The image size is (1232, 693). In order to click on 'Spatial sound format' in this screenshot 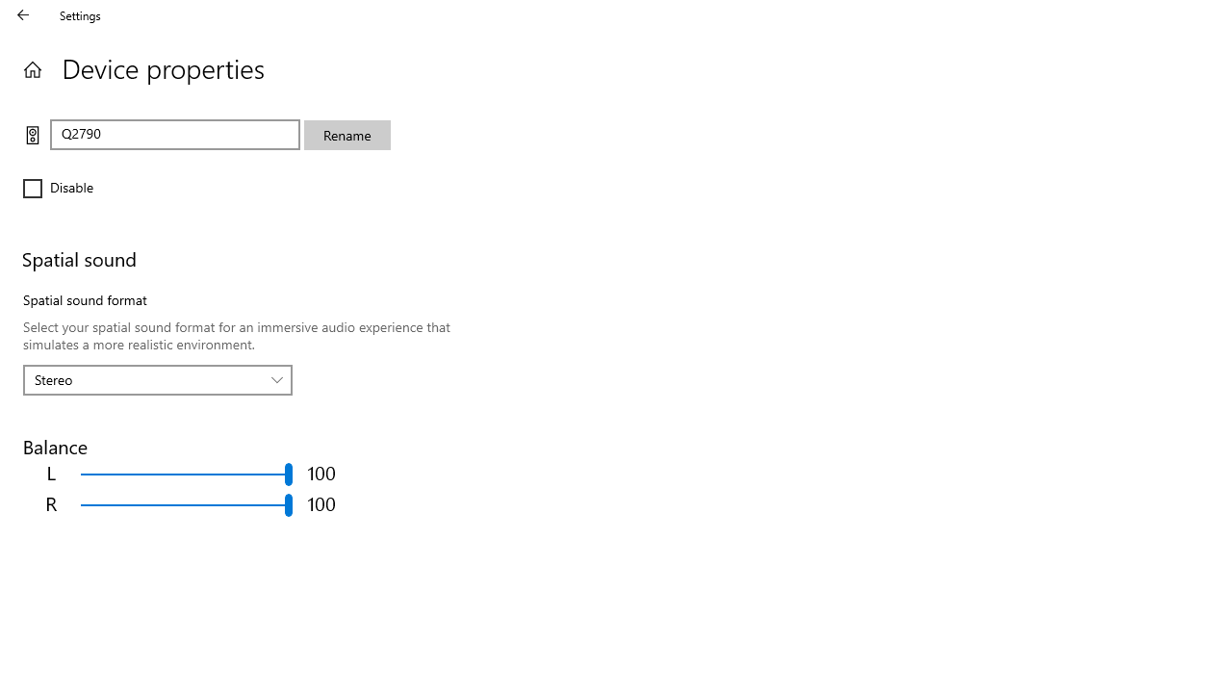, I will do `click(158, 379)`.